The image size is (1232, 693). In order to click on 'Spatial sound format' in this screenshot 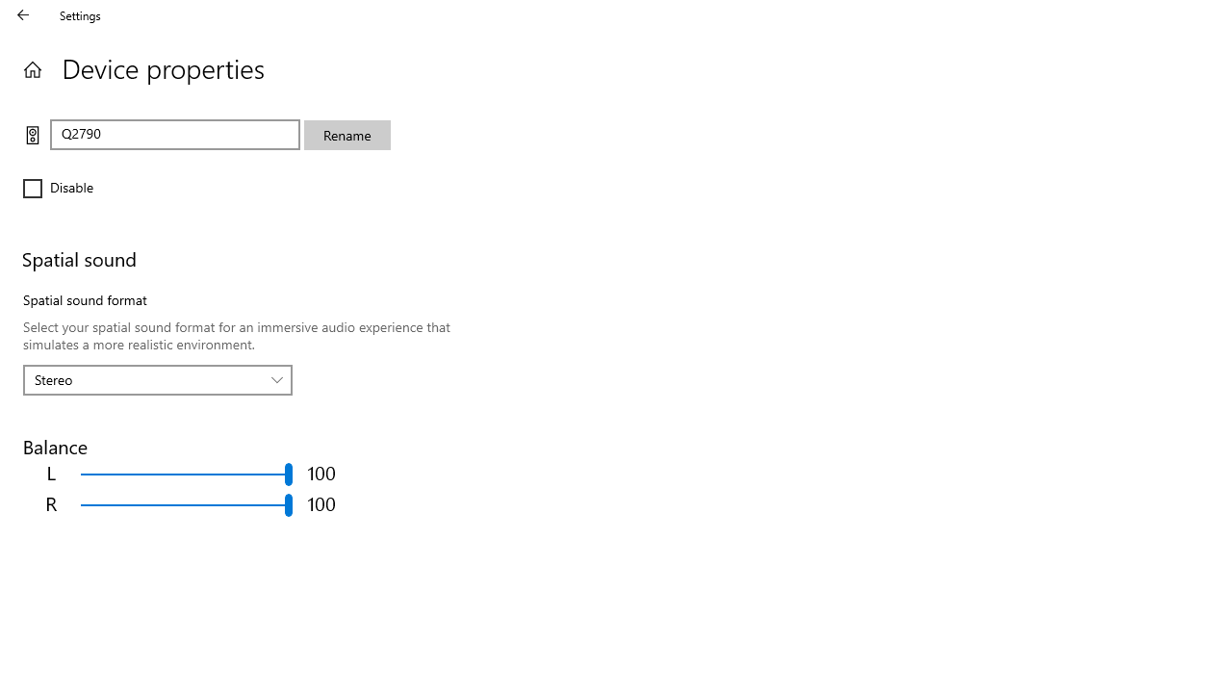, I will do `click(158, 379)`.